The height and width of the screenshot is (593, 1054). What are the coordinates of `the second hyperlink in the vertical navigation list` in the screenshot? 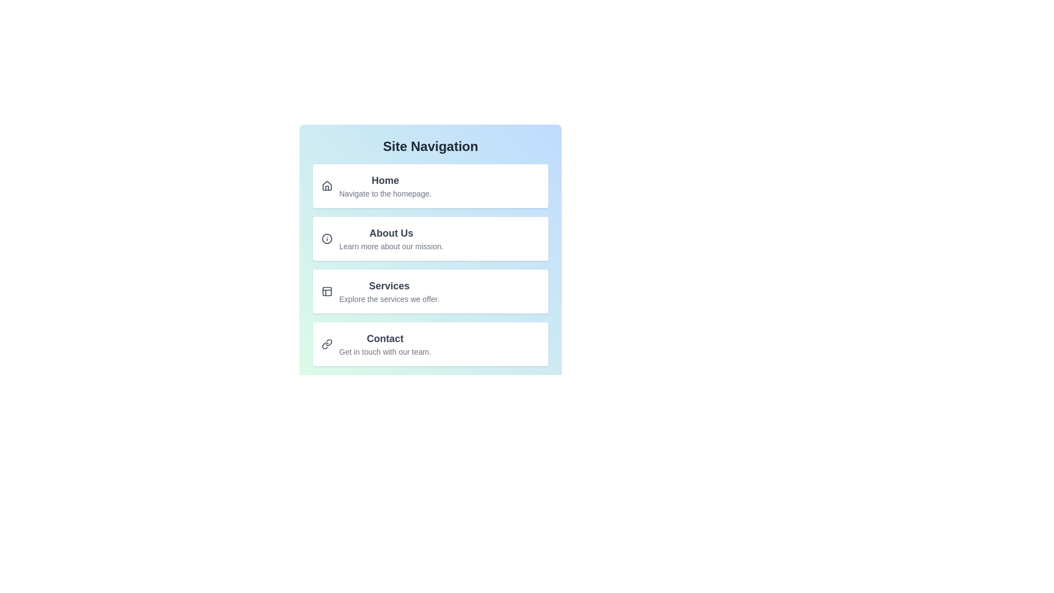 It's located at (430, 243).